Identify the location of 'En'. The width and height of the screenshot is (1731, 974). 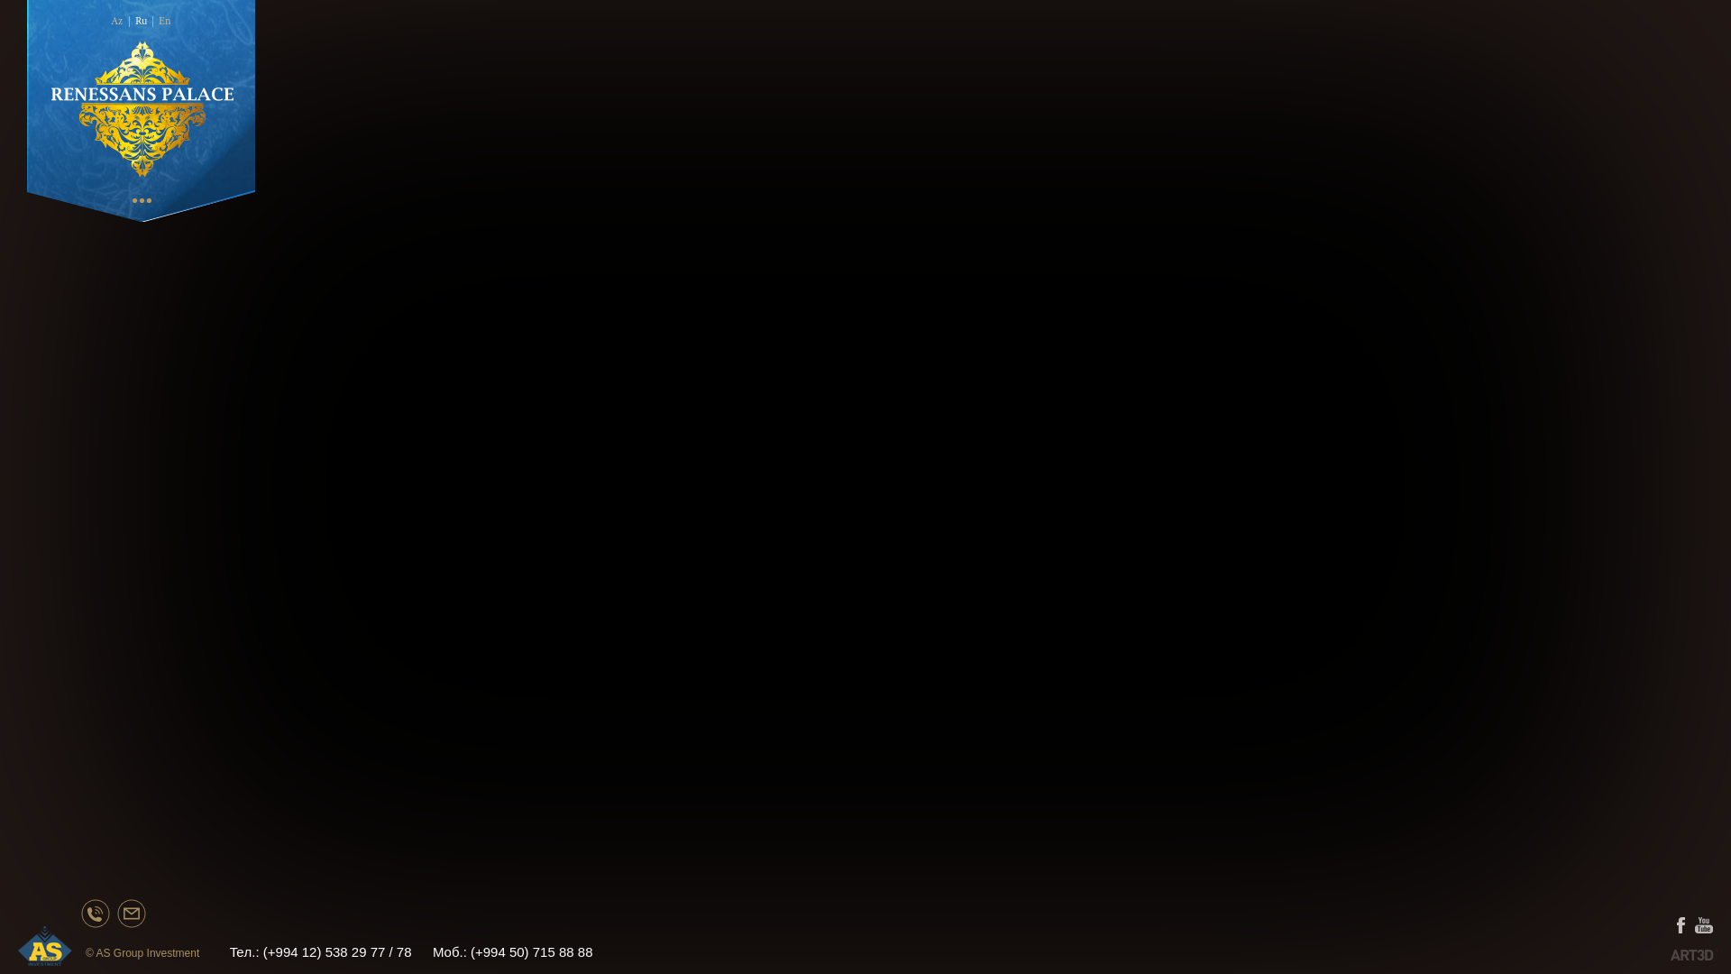
(159, 21).